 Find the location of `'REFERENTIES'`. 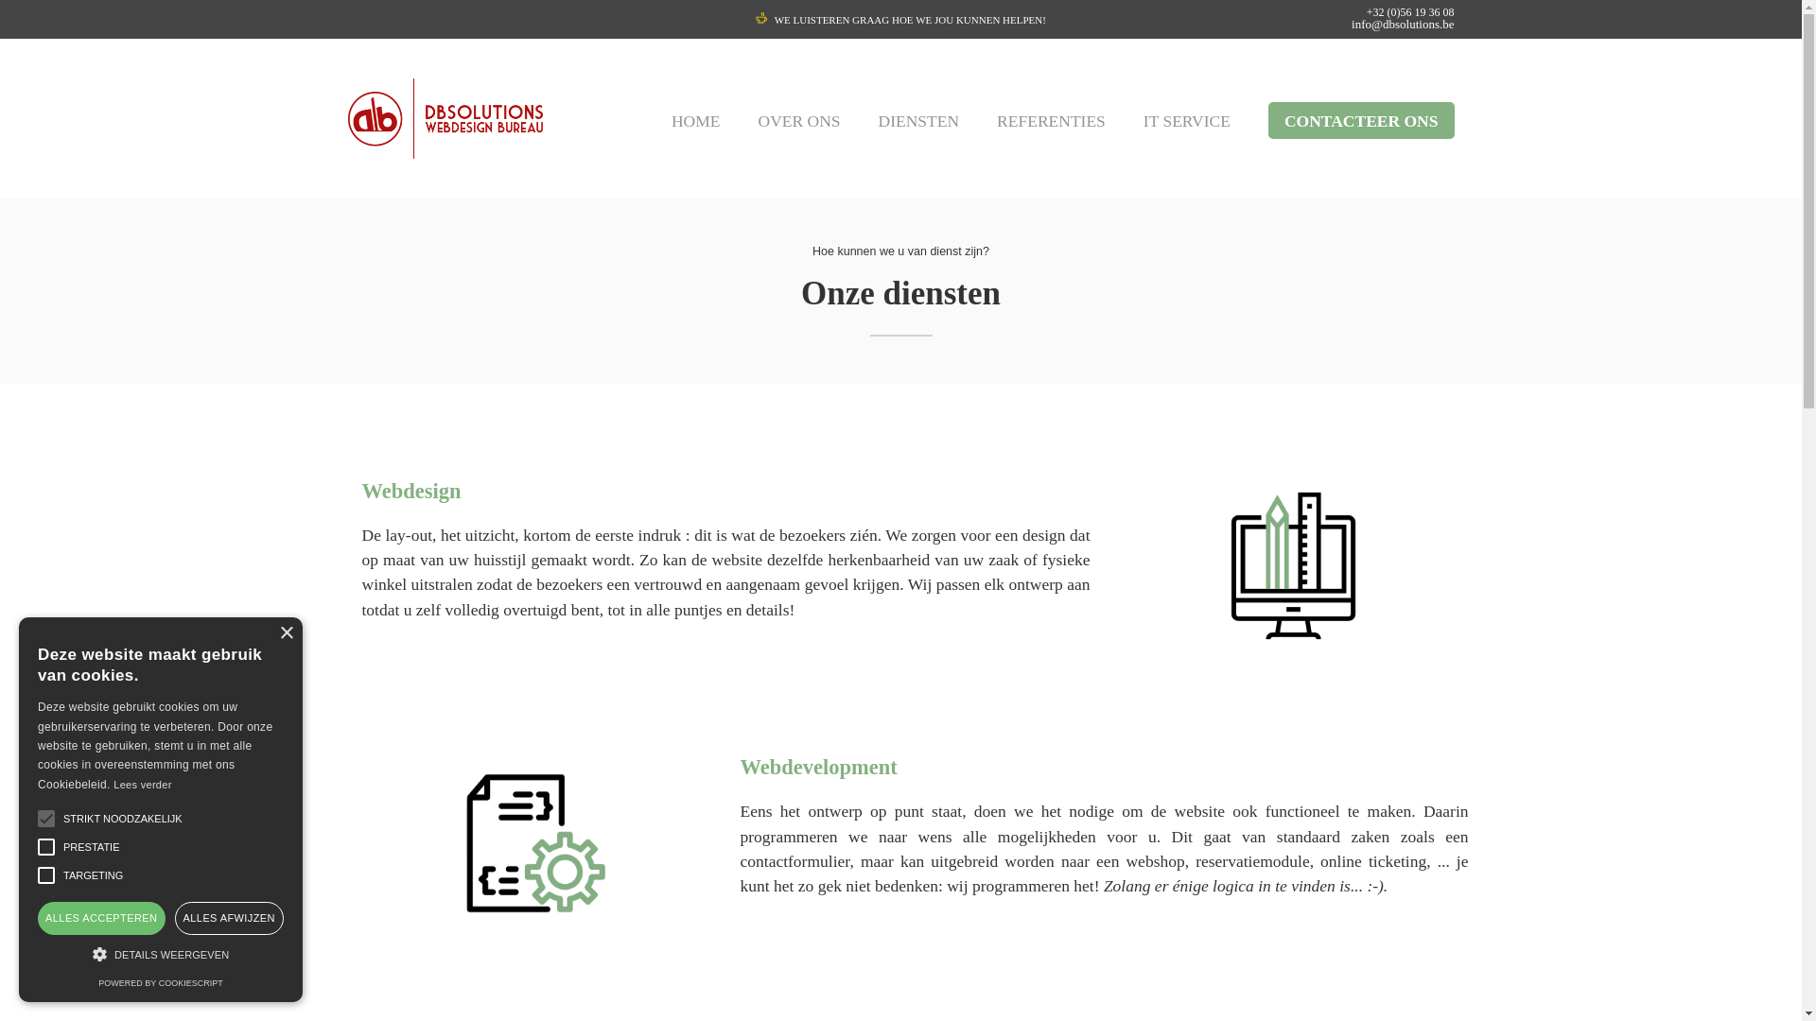

'REFERENTIES' is located at coordinates (996, 120).